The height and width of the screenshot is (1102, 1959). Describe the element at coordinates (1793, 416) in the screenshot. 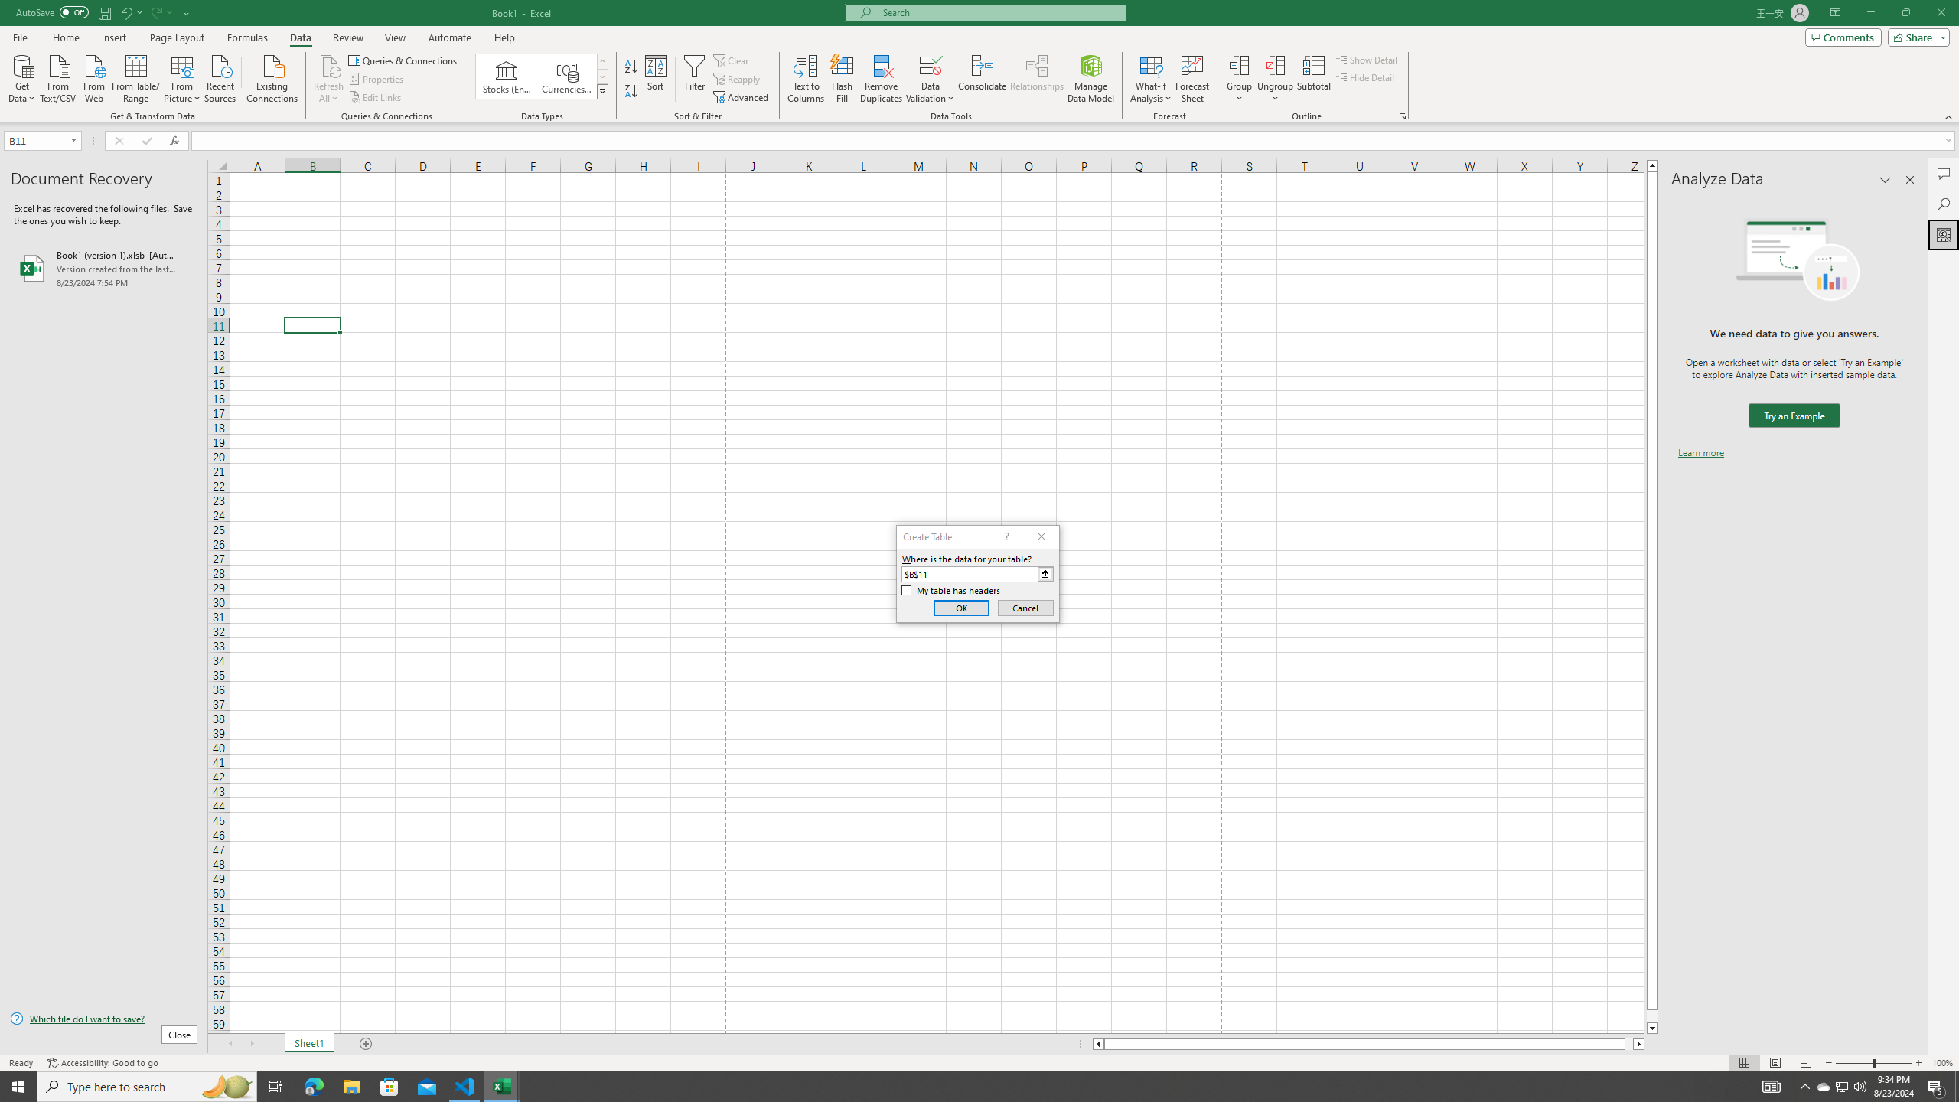

I see `'We need data to give you answers. Try an Example'` at that location.